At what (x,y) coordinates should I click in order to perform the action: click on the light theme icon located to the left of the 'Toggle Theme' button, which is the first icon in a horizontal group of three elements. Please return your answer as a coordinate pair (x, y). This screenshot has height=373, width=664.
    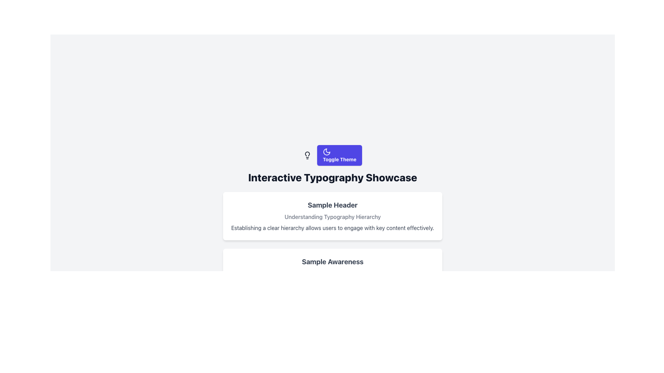
    Looking at the image, I should click on (307, 155).